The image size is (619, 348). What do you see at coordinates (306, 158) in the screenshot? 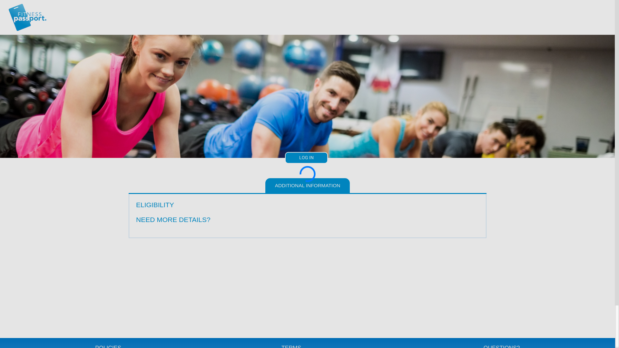
I see `'LOG IN'` at bounding box center [306, 158].